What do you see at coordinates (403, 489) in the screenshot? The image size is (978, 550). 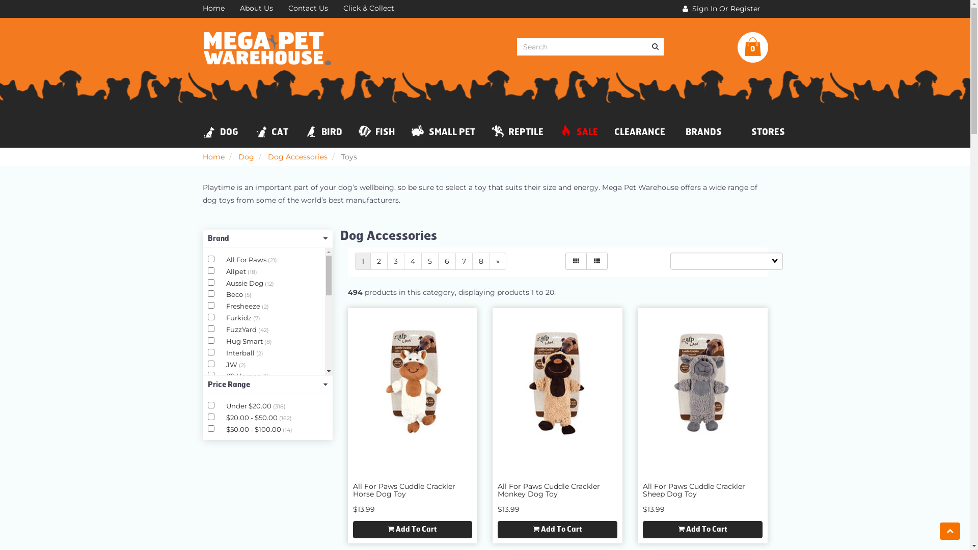 I see `'All For Paws Cuddle Crackler Horse Dog Toy'` at bounding box center [403, 489].